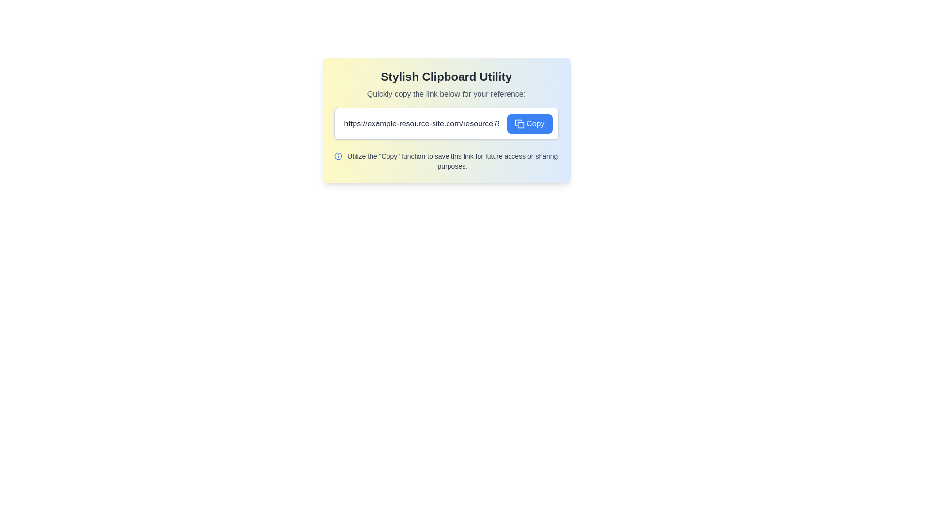 The width and height of the screenshot is (930, 523). I want to click on the informational text that describes the functionality of the 'Copy' button, located beneath the text input box and part of the 'Stylish Clipboard Utility' section, so click(452, 160).